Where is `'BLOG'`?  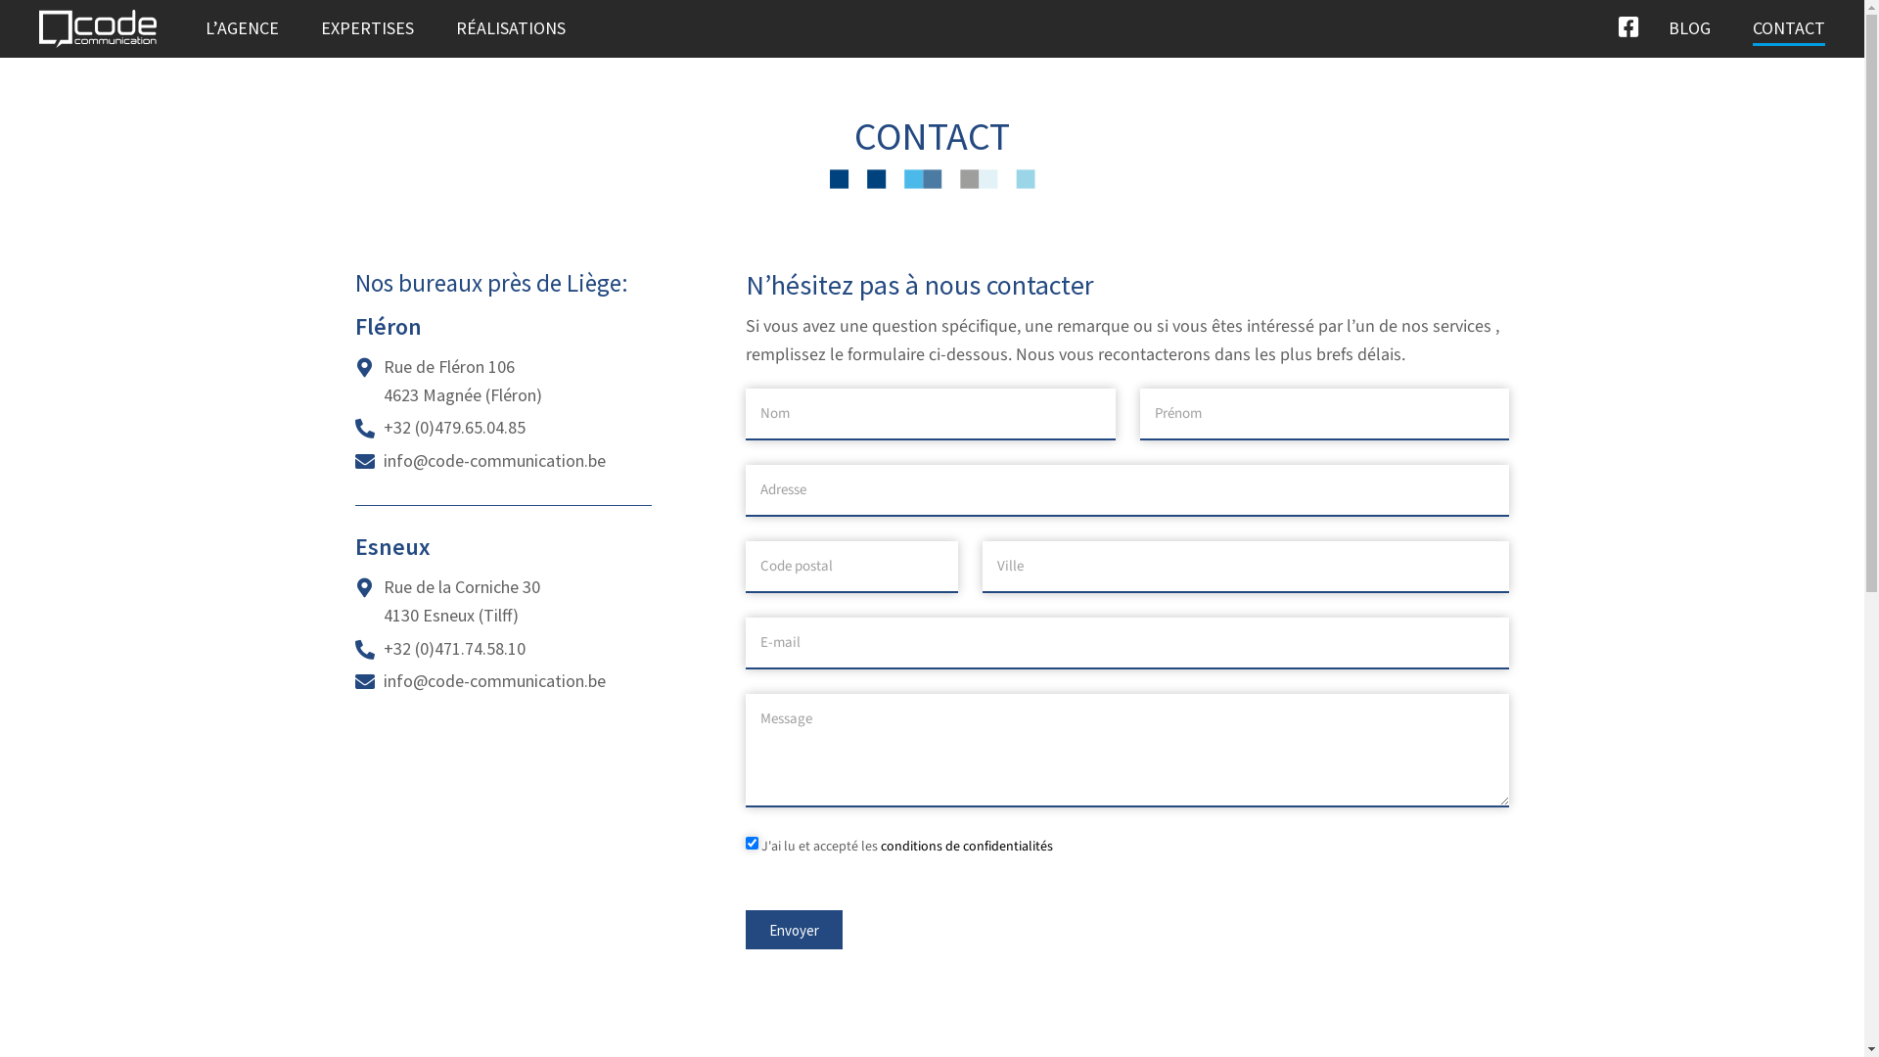
'BLOG' is located at coordinates (1667, 28).